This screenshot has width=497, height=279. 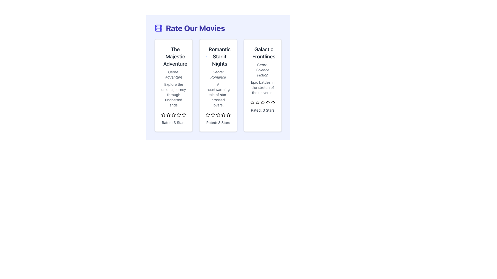 What do you see at coordinates (228, 114) in the screenshot?
I see `the fourth star icon in the rating system of the 'Romantic Starlit Nights' card` at bounding box center [228, 114].